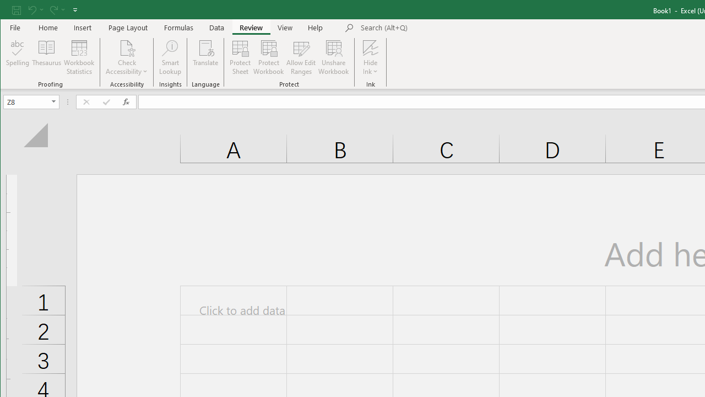 This screenshot has width=705, height=397. I want to click on 'Smart Lookup', so click(170, 57).